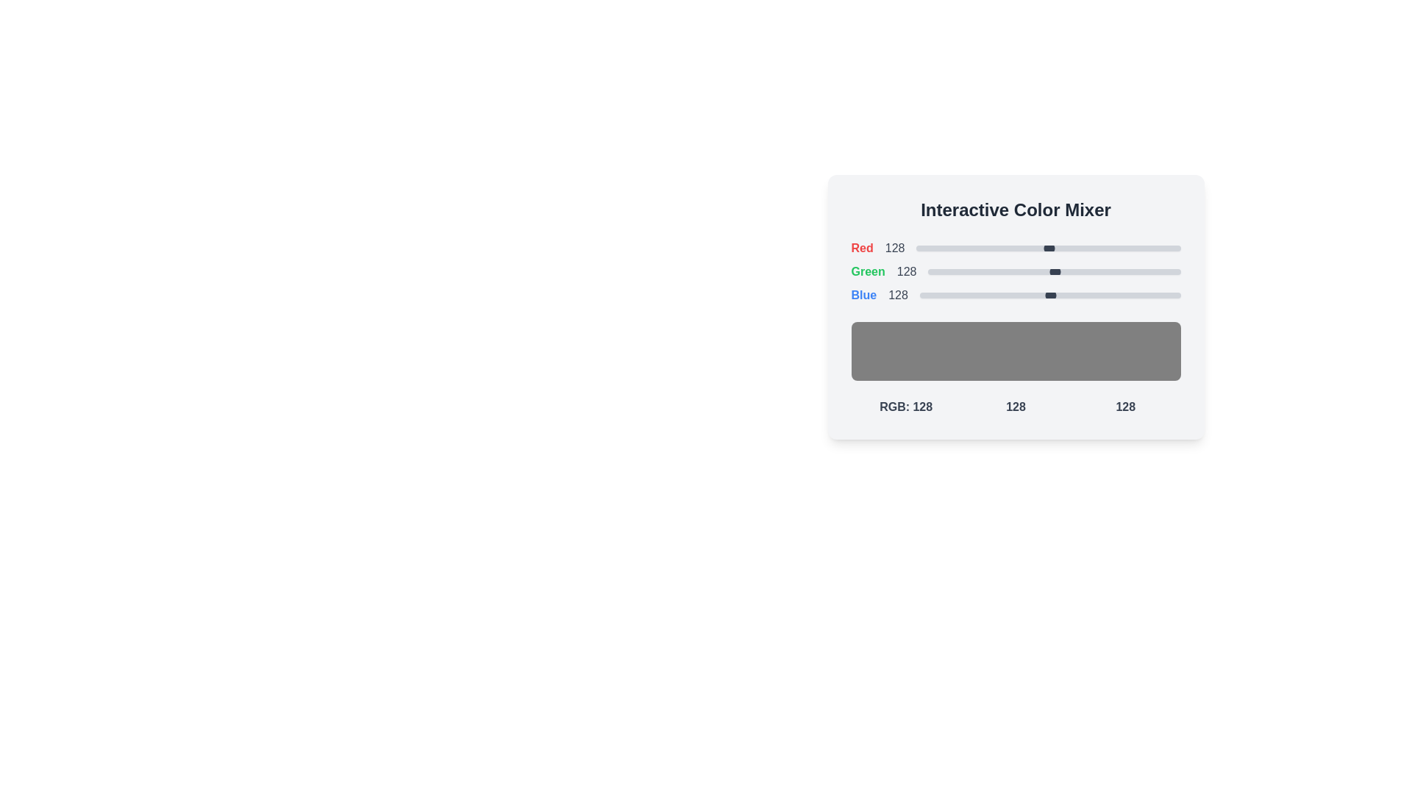 The image size is (1412, 794). Describe the element at coordinates (1124, 407) in the screenshot. I see `the static text label displaying the 'Blue' value in the RGB color representation, which is the last item in a row of three columns within the 'RGB' summary section` at that location.